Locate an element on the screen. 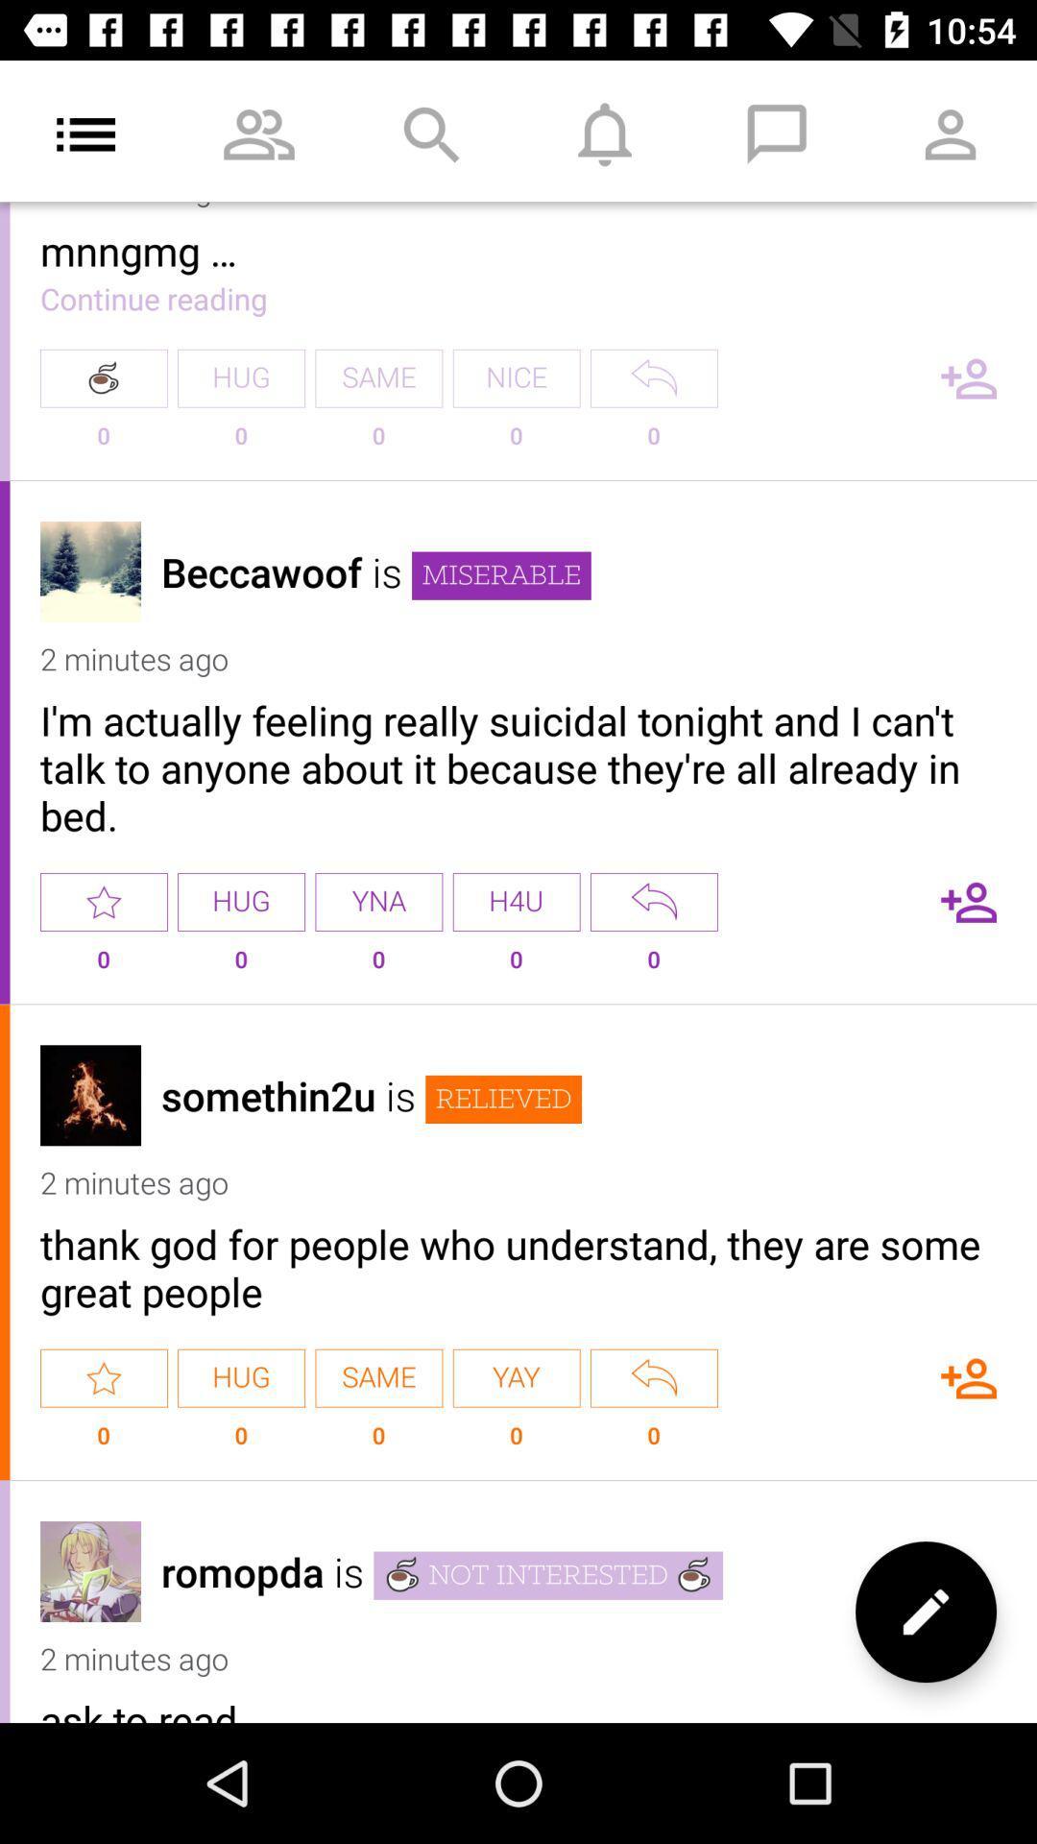 This screenshot has height=1844, width=1037. as friend is located at coordinates (969, 1377).